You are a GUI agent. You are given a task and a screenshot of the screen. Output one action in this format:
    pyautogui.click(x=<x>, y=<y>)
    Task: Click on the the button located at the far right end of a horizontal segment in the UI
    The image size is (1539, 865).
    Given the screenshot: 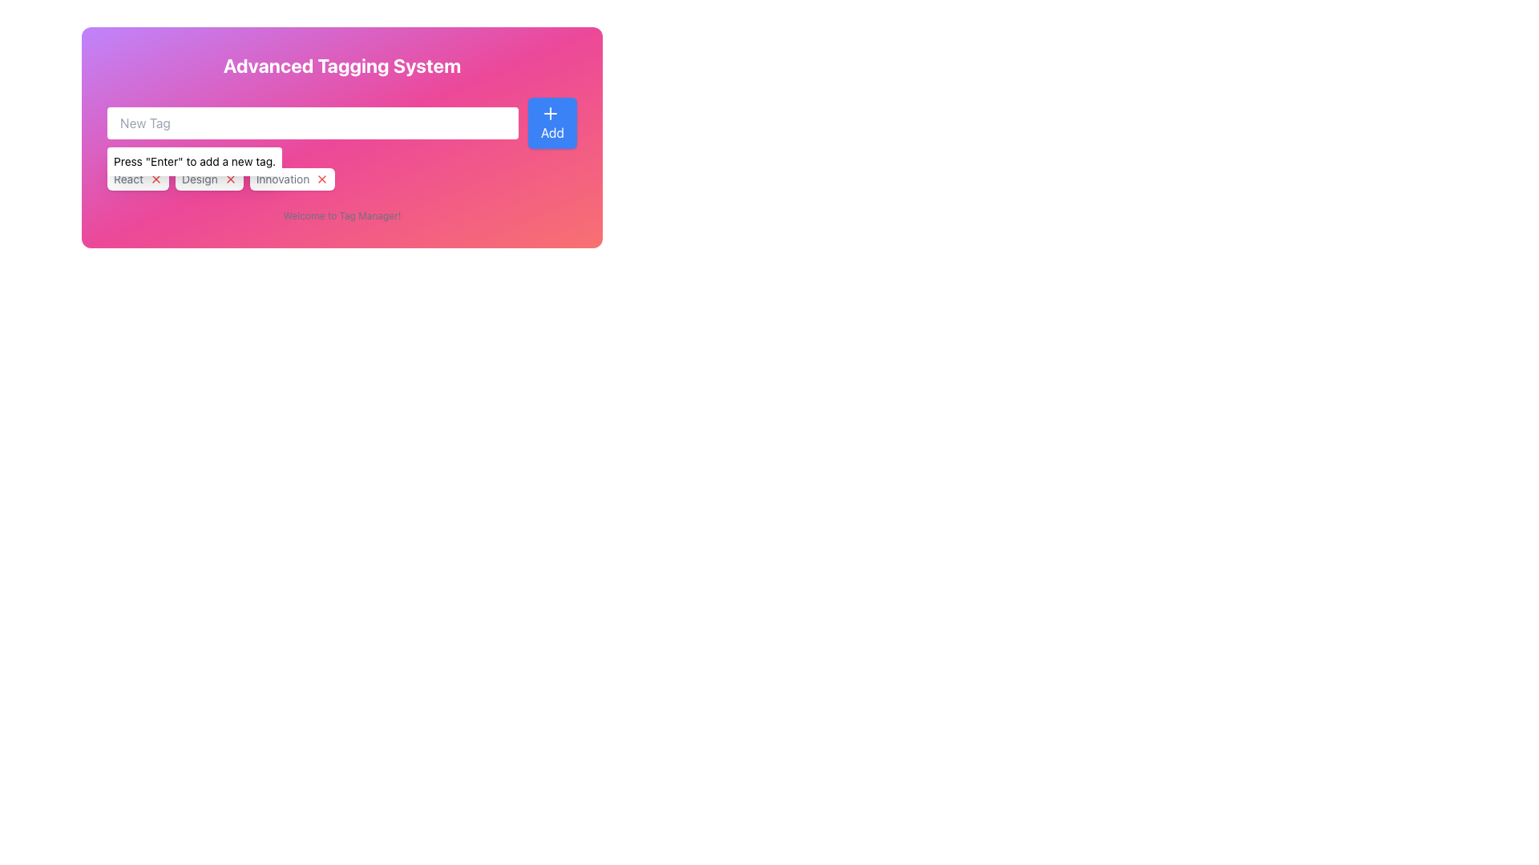 What is the action you would take?
    pyautogui.click(x=552, y=123)
    